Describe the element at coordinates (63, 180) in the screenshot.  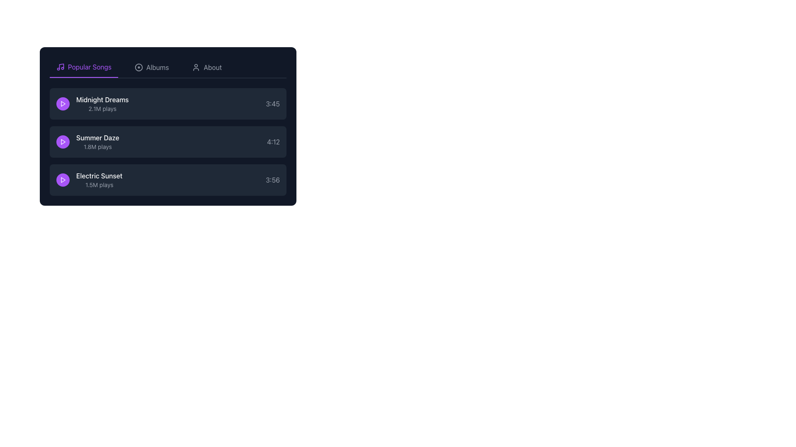
I see `the play icon represented by a rightward-pointing triangle in the 'Popular Songs' section` at that location.